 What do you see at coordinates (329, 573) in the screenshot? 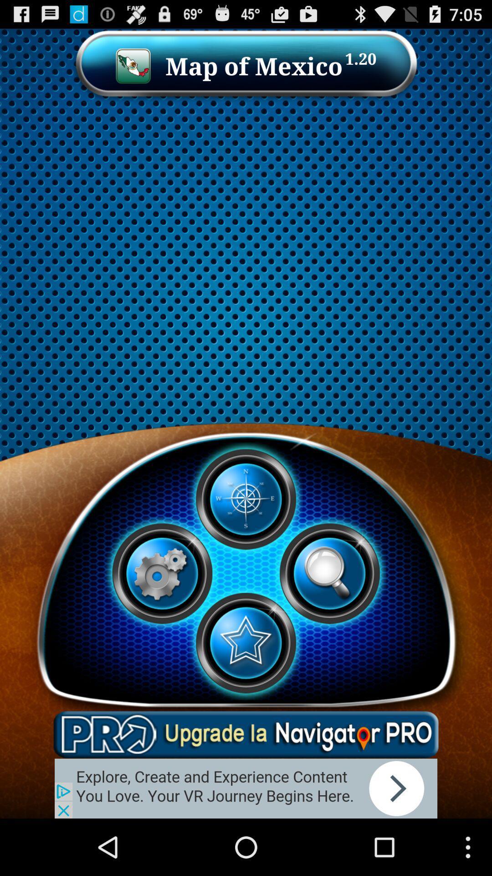
I see `click on the magnifying glass` at bounding box center [329, 573].